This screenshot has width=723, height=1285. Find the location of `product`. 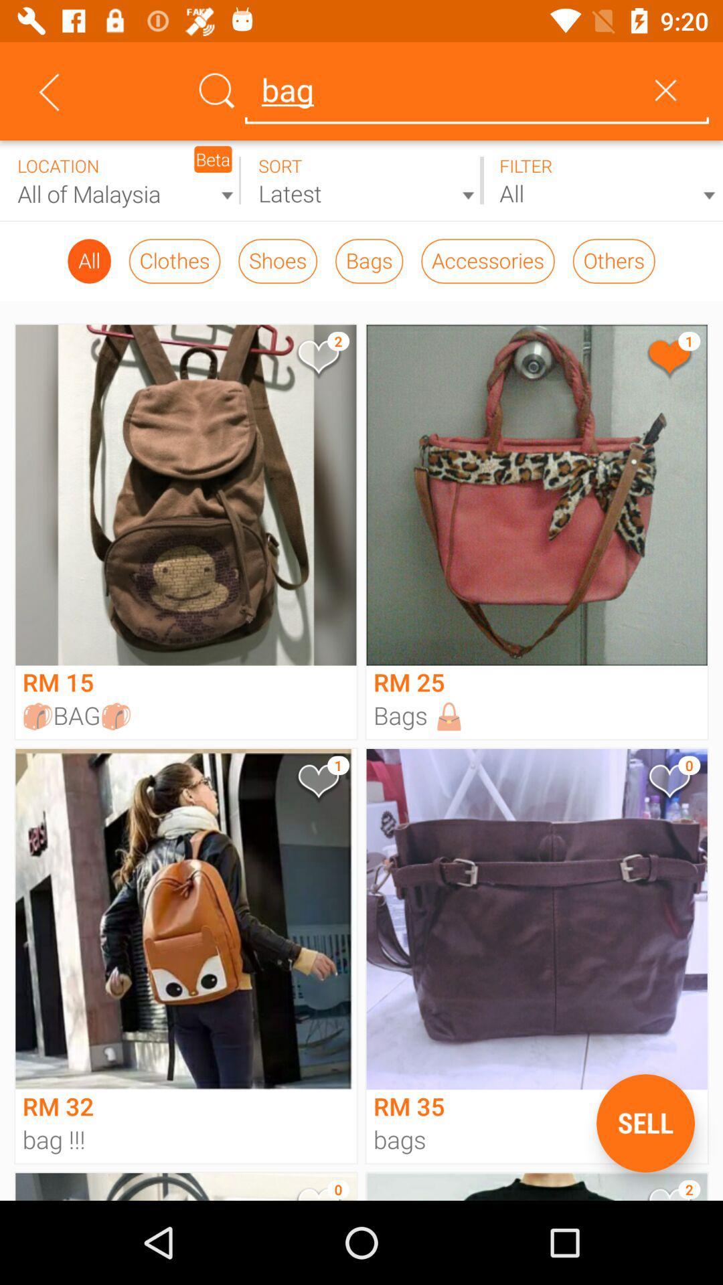

product is located at coordinates (317, 784).